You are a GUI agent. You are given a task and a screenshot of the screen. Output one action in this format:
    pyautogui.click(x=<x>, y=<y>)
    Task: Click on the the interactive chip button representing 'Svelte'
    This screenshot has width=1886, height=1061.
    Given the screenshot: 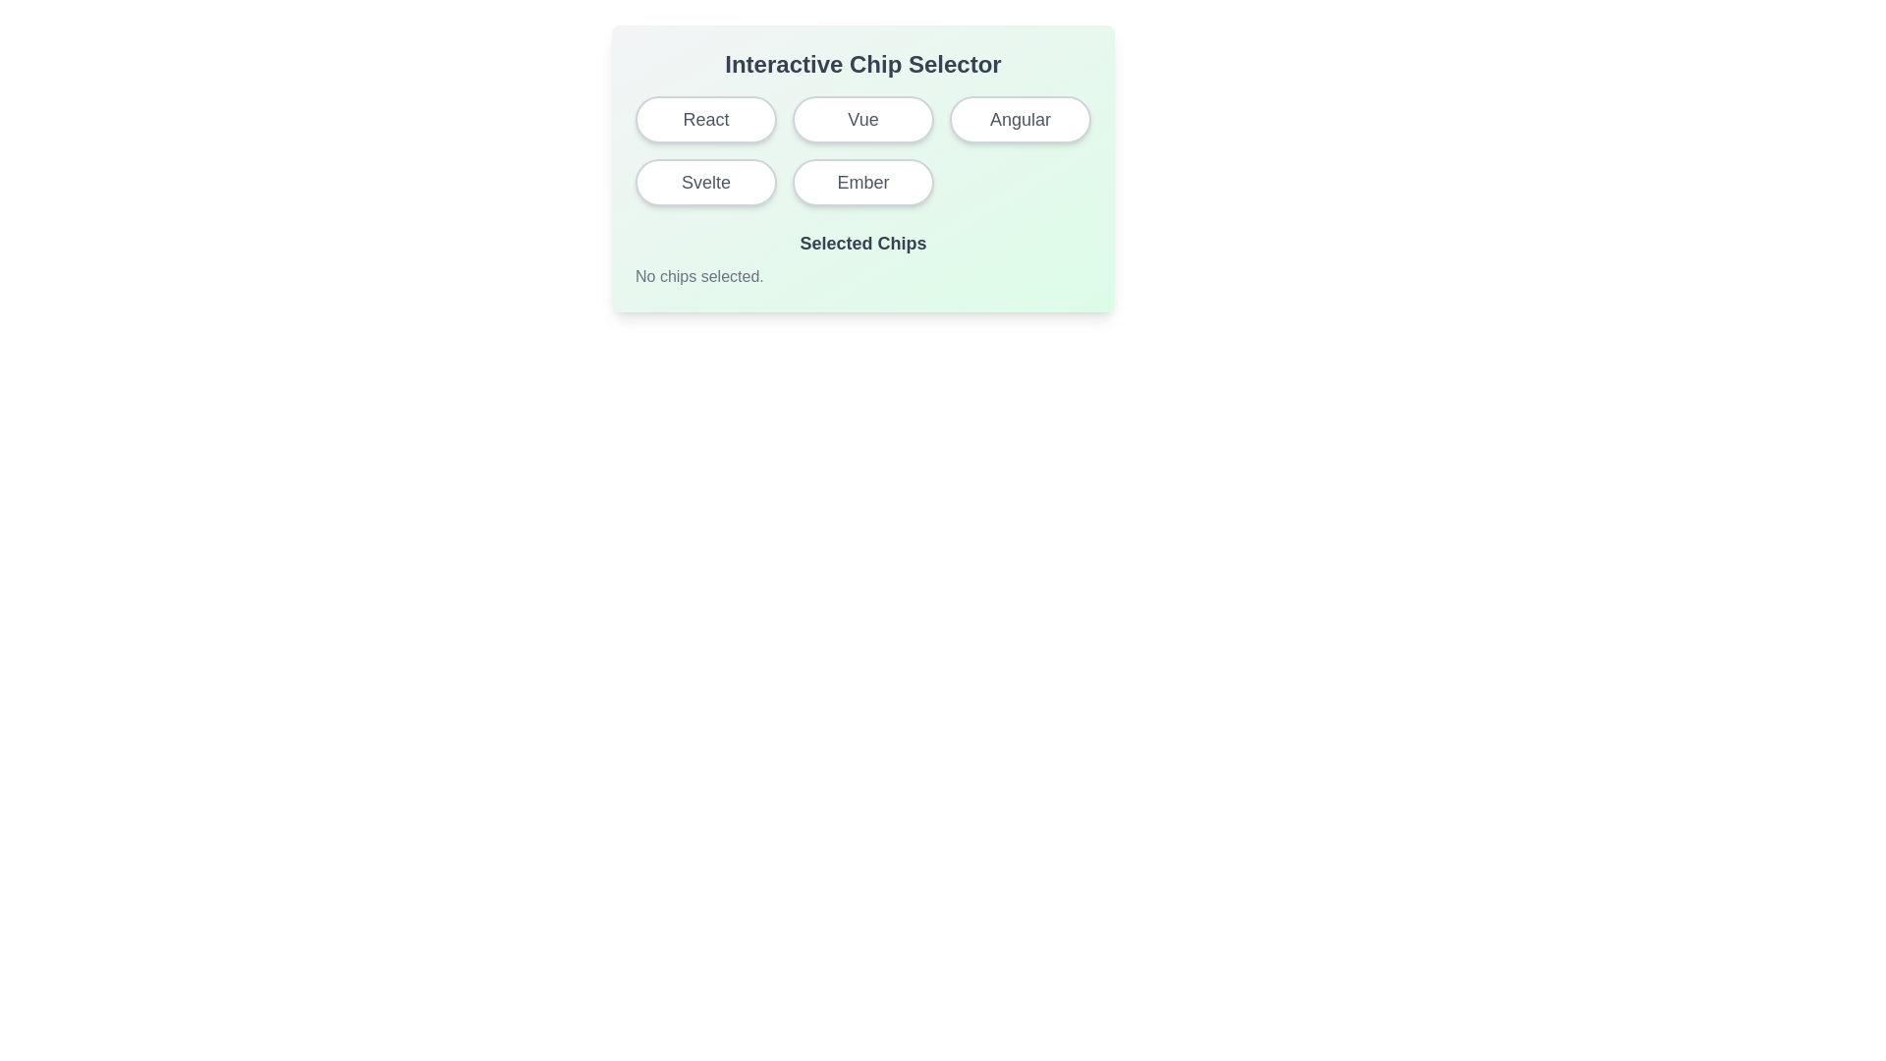 What is the action you would take?
    pyautogui.click(x=706, y=182)
    